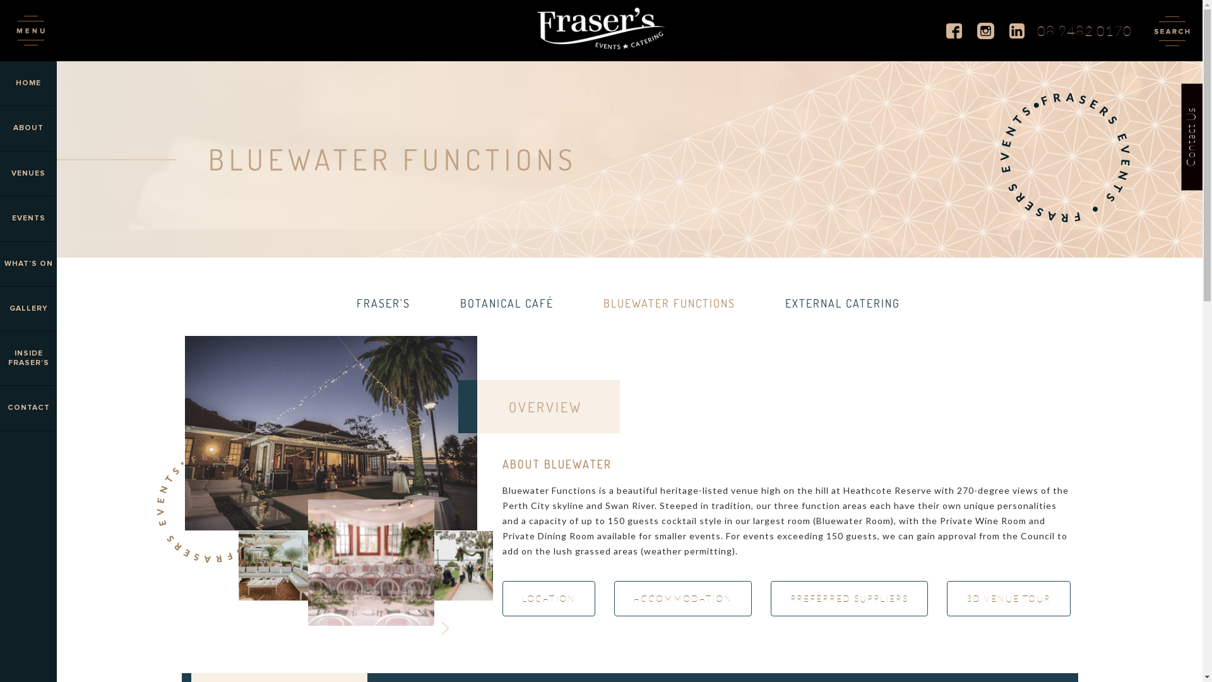  Describe the element at coordinates (28, 218) in the screenshot. I see `'EVENTS'` at that location.